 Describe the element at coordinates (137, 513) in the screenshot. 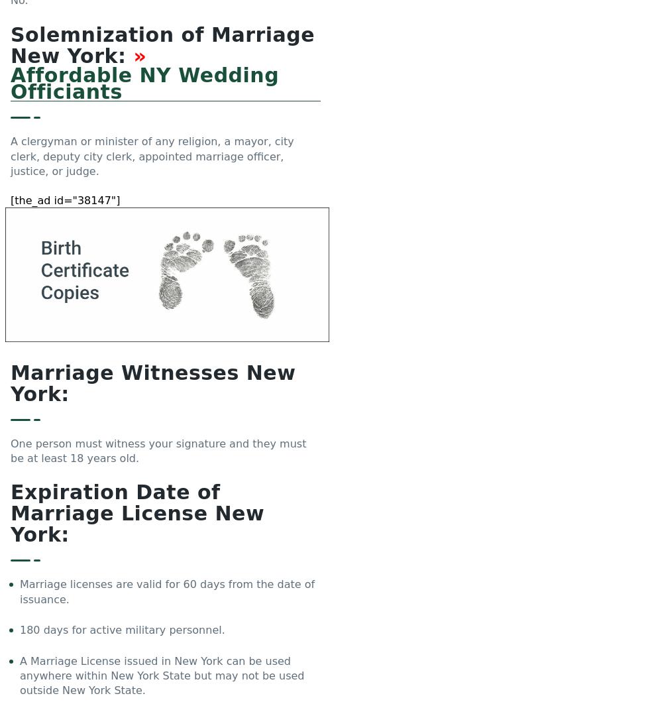

I see `'Expiration Date of Marriage License New York:'` at that location.